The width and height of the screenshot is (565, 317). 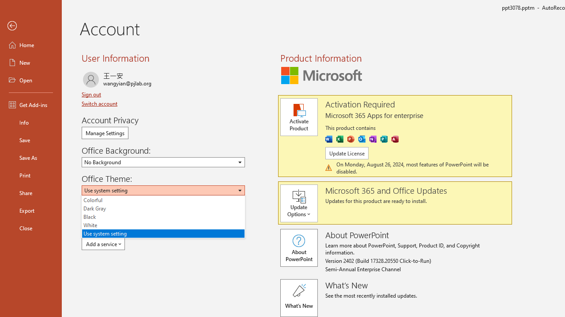 What do you see at coordinates (105, 133) in the screenshot?
I see `'Manage Settings'` at bounding box center [105, 133].